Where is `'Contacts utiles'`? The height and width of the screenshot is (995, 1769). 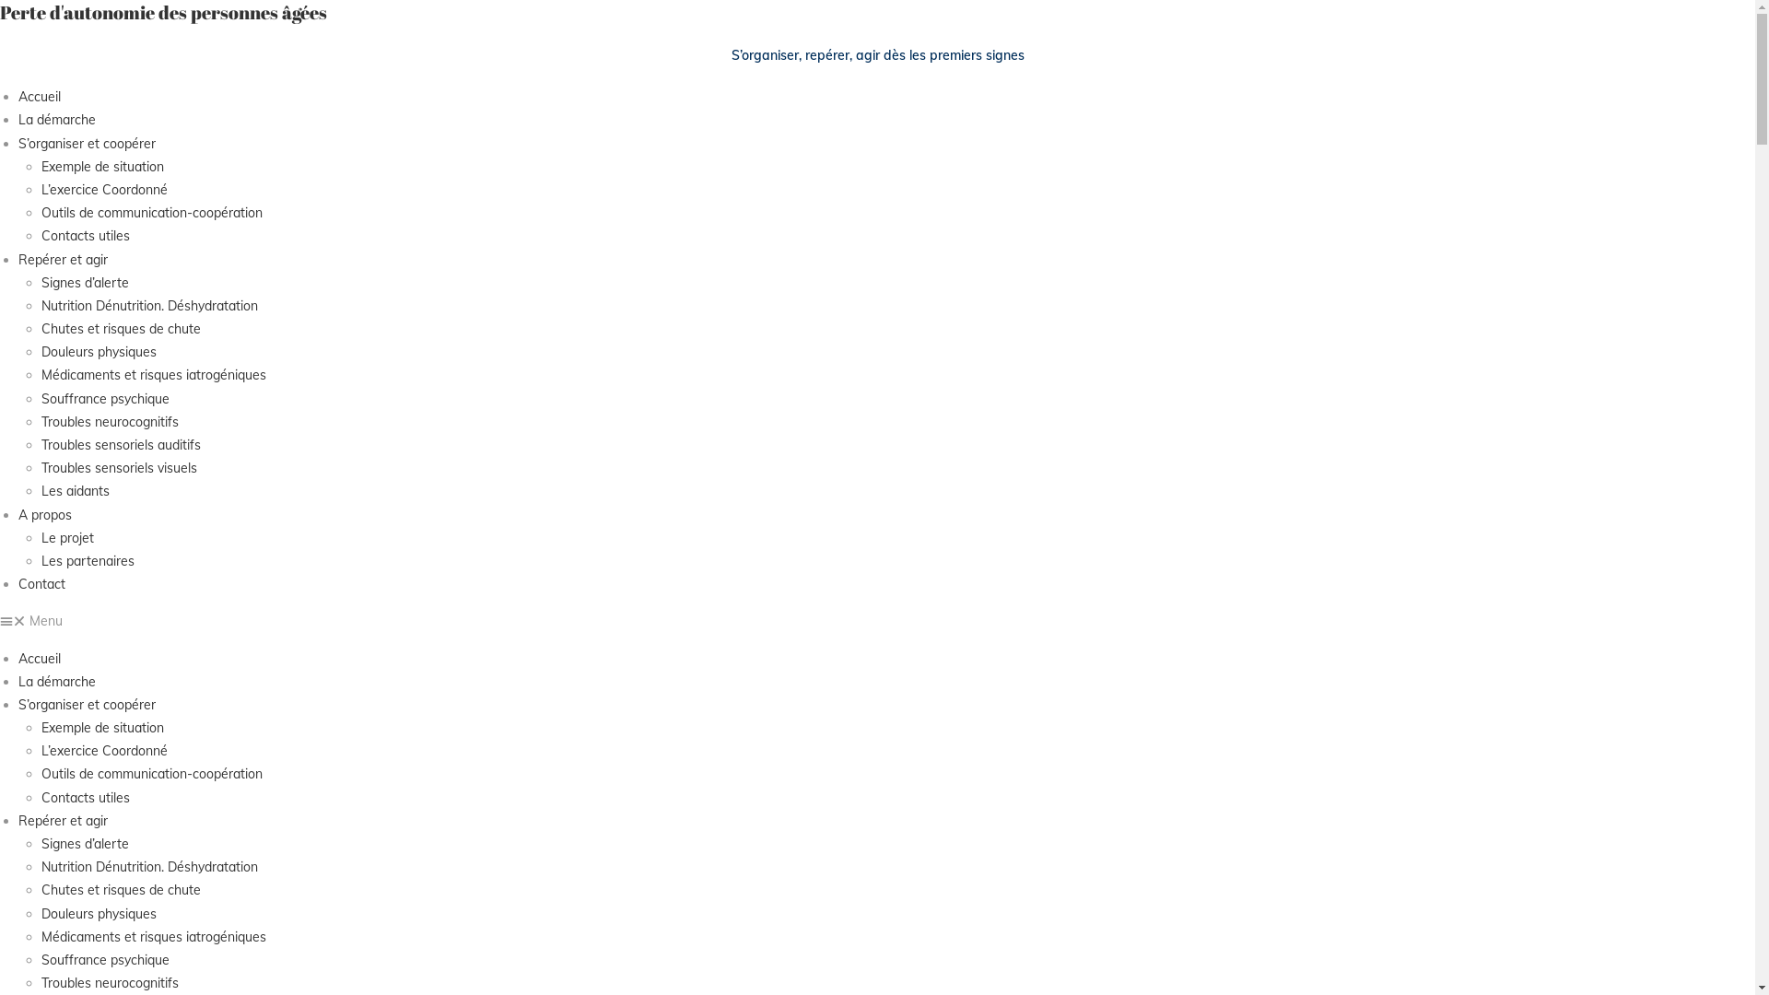 'Contacts utiles' is located at coordinates (84, 797).